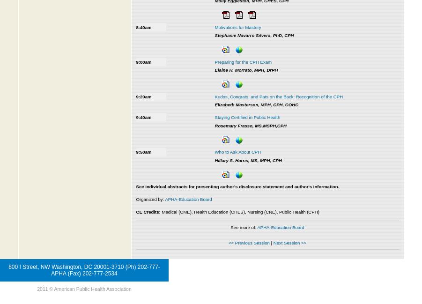  What do you see at coordinates (248, 242) in the screenshot?
I see `'<< Previous Session'` at bounding box center [248, 242].